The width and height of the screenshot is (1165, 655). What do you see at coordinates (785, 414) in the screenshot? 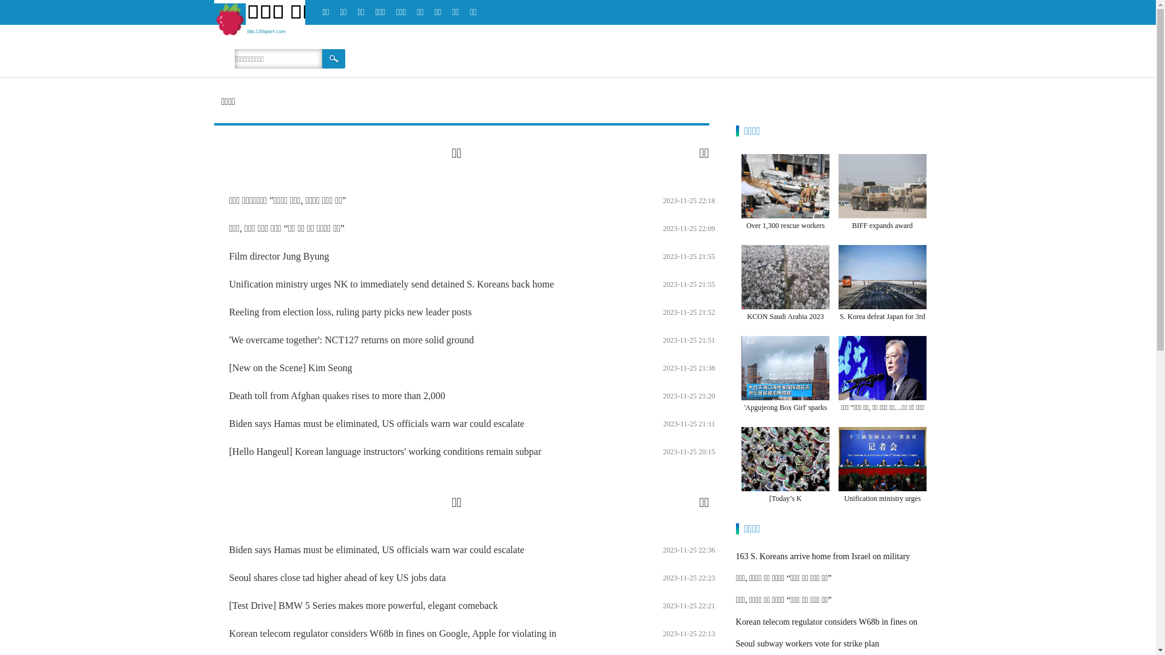
I see `''Apgujeong Box Girl' sparks online debate'` at bounding box center [785, 414].